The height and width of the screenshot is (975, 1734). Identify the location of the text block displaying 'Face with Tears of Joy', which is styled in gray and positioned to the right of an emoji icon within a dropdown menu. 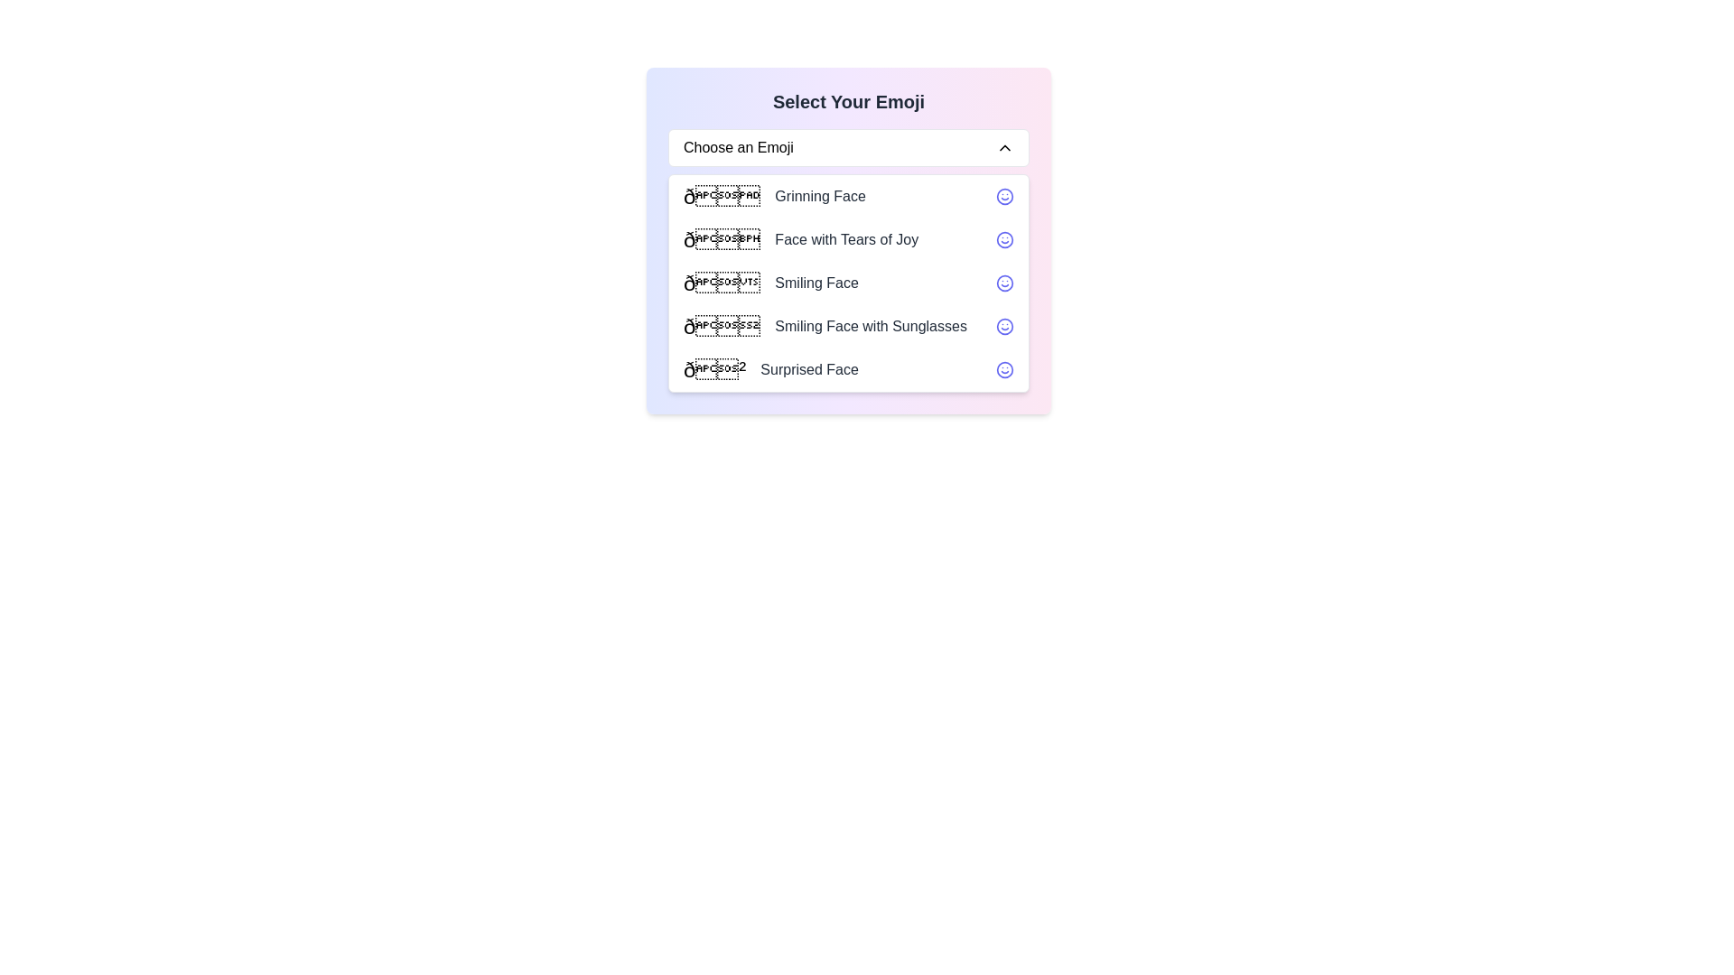
(845, 239).